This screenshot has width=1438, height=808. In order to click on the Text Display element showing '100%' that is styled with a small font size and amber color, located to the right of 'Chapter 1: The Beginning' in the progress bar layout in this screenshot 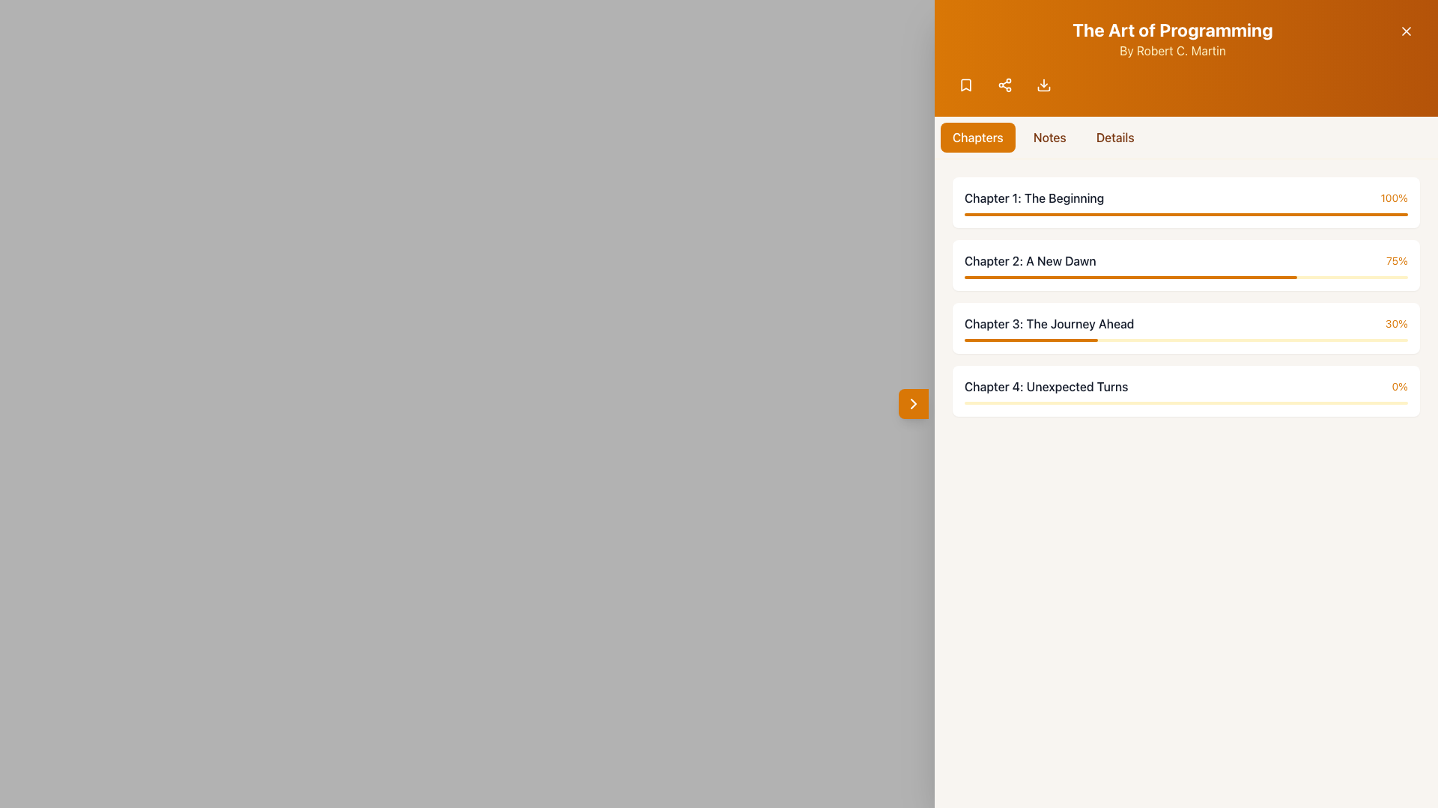, I will do `click(1393, 198)`.